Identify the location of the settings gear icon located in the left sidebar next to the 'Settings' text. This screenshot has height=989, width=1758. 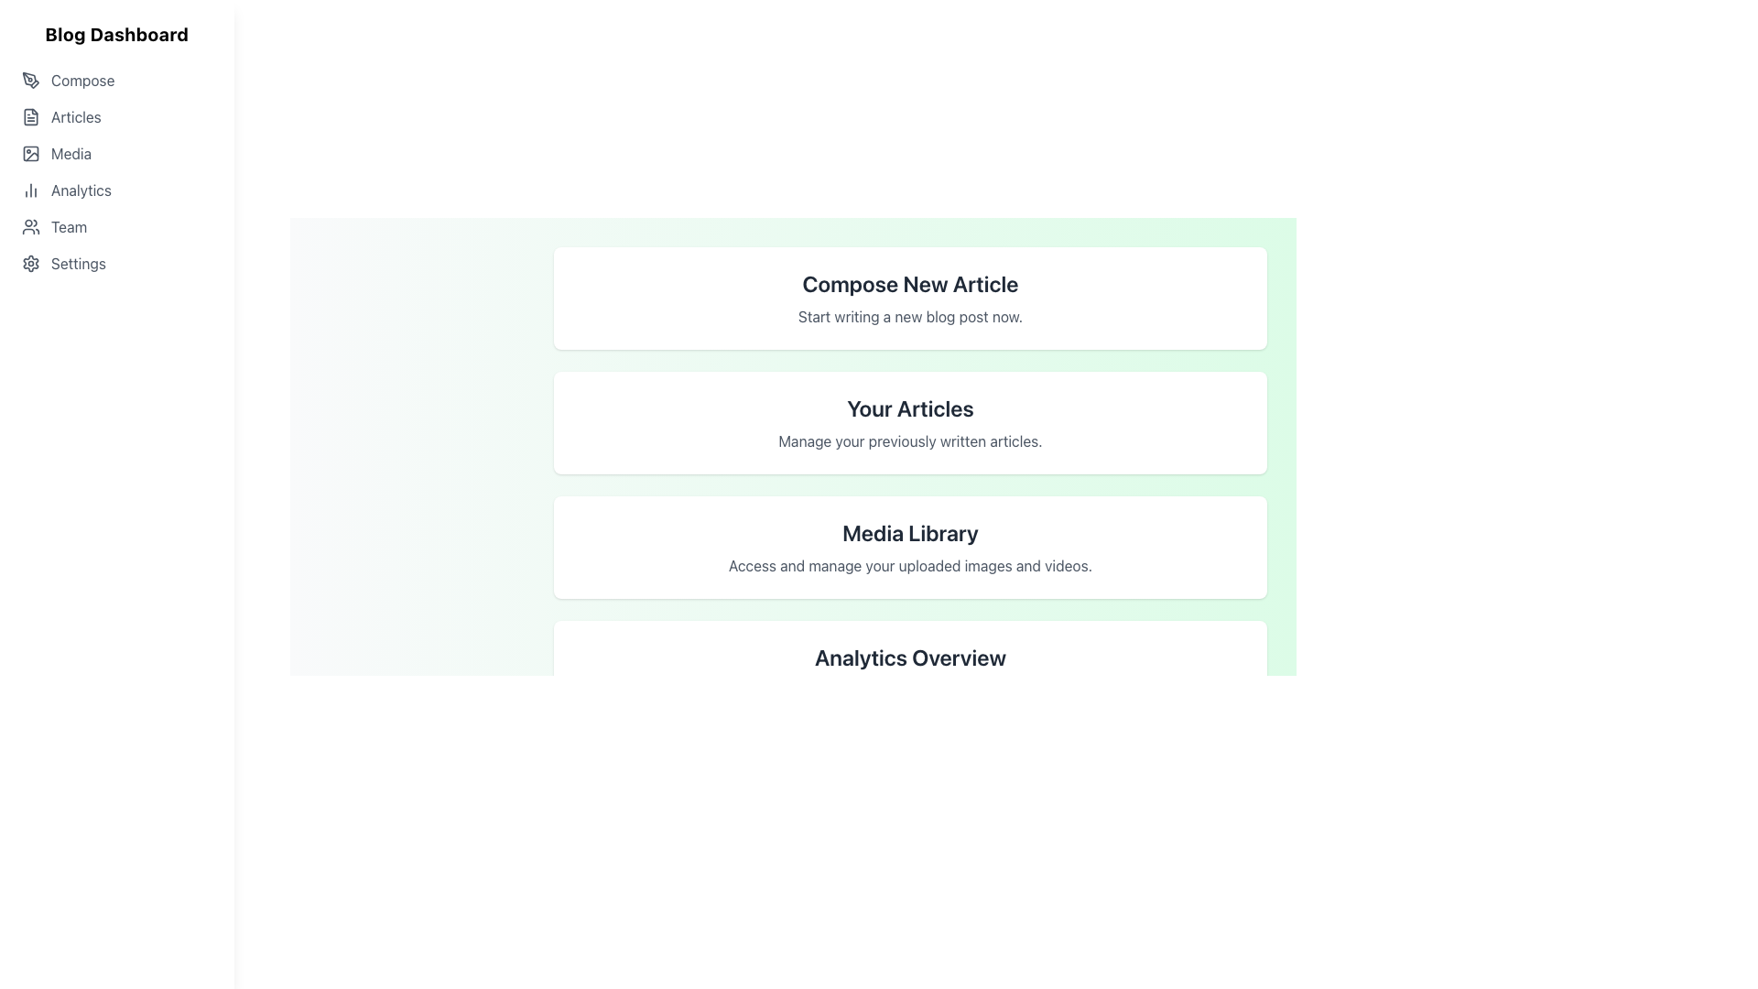
(30, 264).